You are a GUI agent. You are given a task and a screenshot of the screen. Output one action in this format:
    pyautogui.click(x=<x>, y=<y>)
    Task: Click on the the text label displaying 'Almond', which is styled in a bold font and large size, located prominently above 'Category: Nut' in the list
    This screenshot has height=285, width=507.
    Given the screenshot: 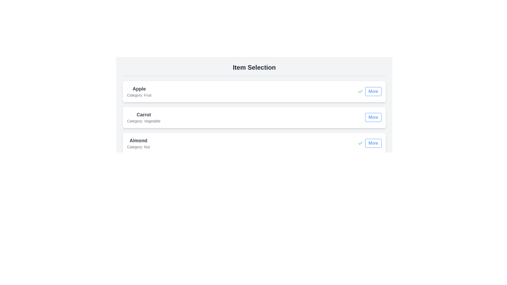 What is the action you would take?
    pyautogui.click(x=138, y=140)
    